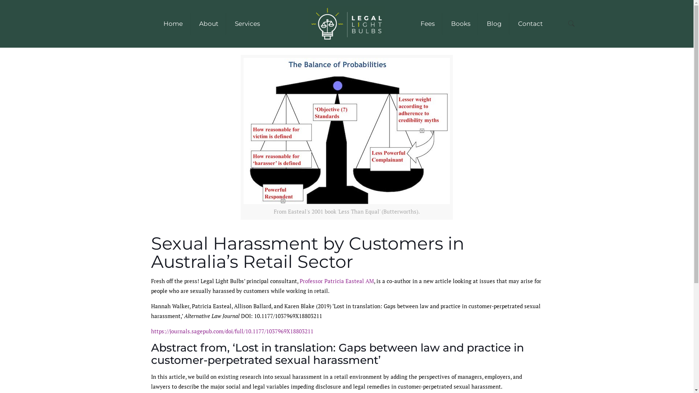  I want to click on 'Fees', so click(413, 23).